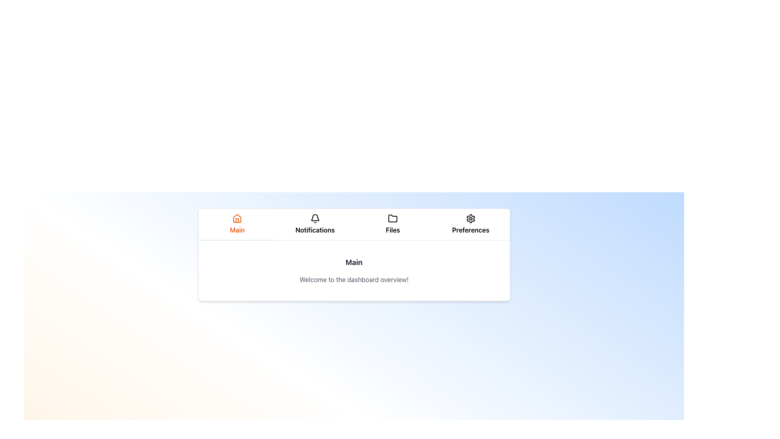  I want to click on the 'Preferences' text label, which is the fourth item in the horizontal navigation bar, so click(470, 230).